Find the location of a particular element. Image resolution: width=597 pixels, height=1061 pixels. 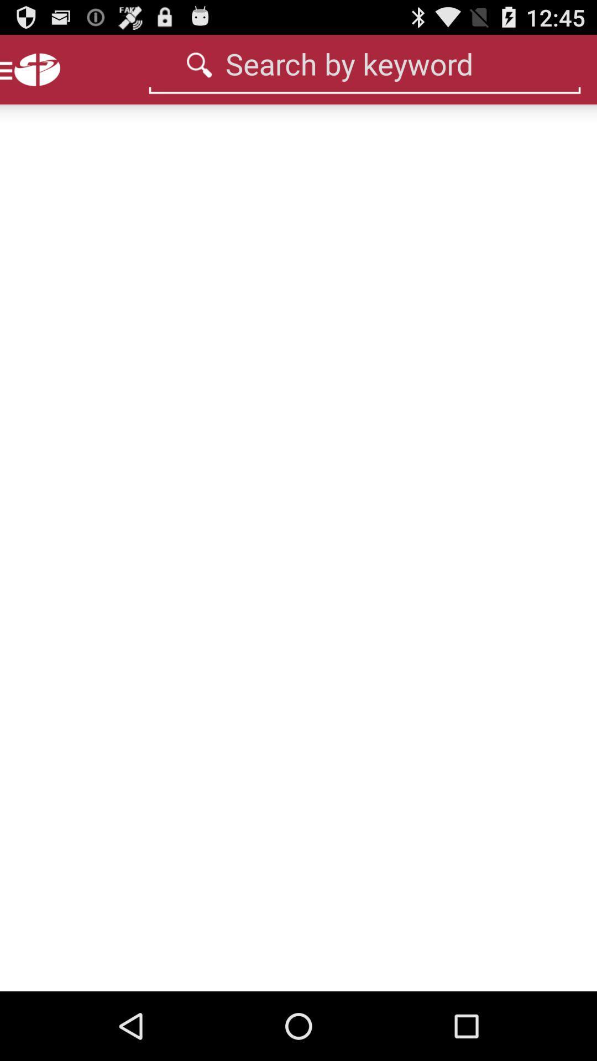

item at the center is located at coordinates (298, 548).